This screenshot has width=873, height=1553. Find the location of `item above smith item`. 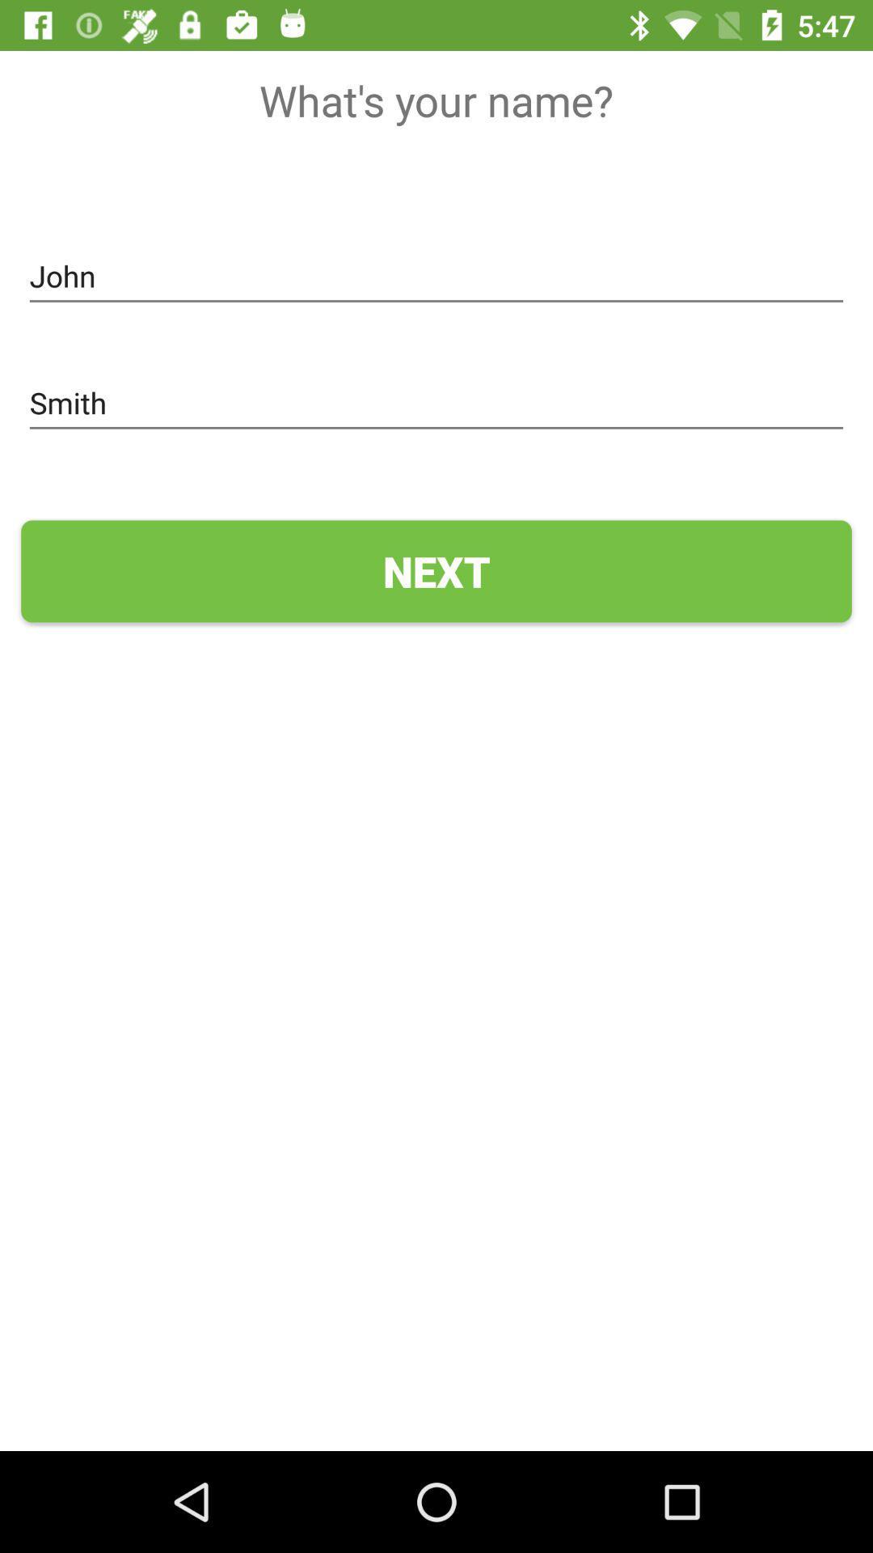

item above smith item is located at coordinates (436, 277).